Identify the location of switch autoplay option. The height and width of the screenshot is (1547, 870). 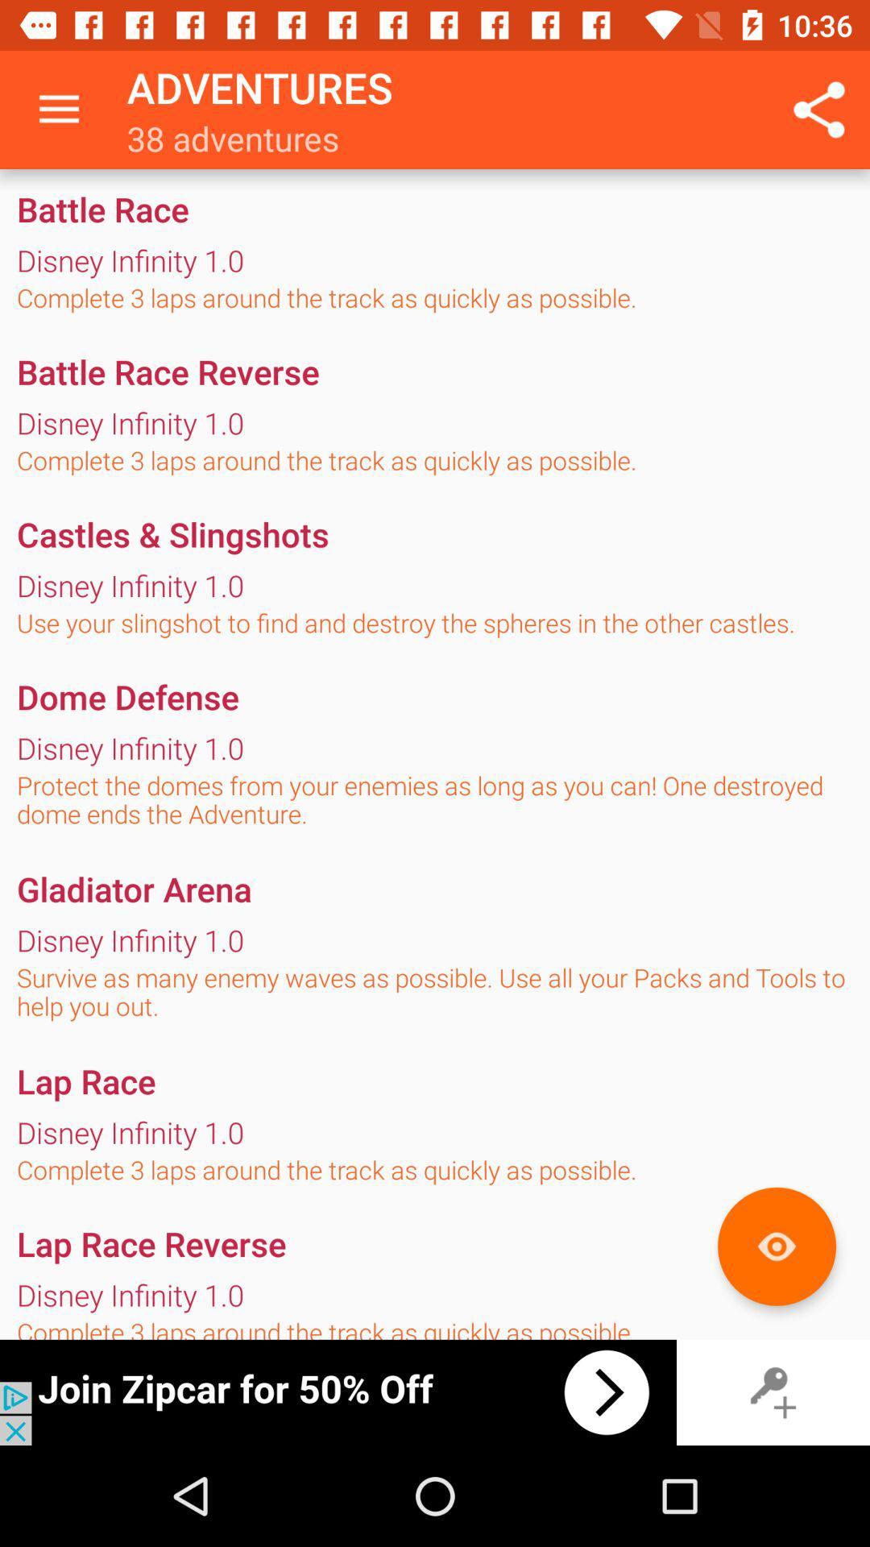
(338, 1391).